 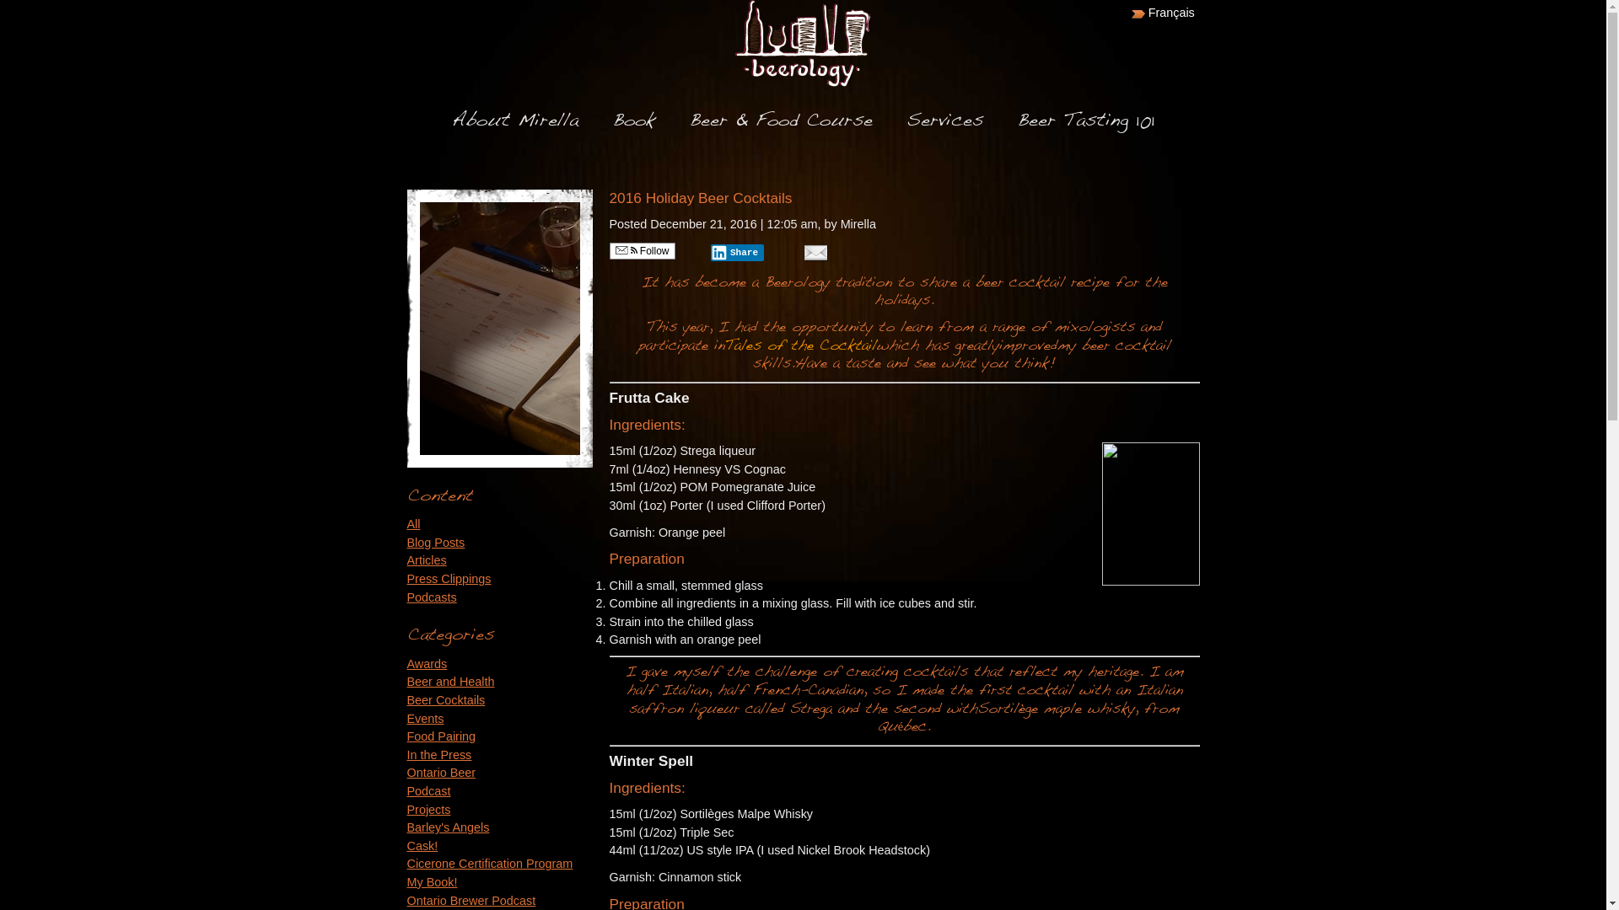 I want to click on 'Tales of the Cocktail', so click(x=800, y=345).